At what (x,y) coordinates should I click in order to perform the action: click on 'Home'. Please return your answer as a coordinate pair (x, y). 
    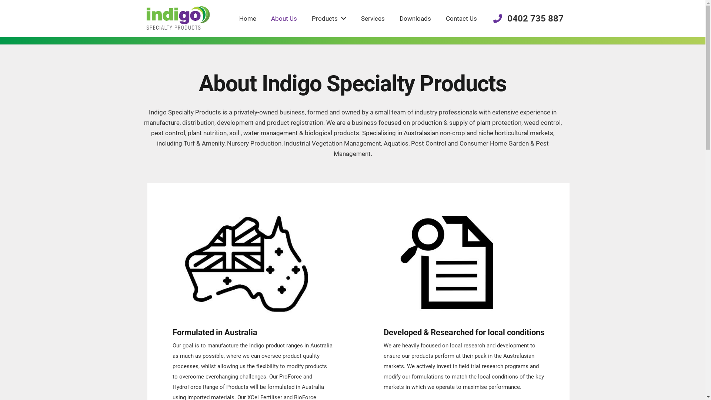
    Looking at the image, I should click on (247, 18).